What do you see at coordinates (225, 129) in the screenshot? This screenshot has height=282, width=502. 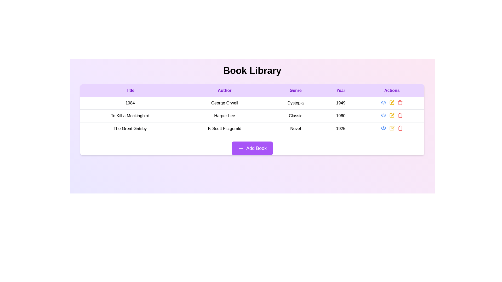 I see `the text label displaying 'F. Scott Fitzgerald' located in the third row of the table under the 'Author' column` at bounding box center [225, 129].